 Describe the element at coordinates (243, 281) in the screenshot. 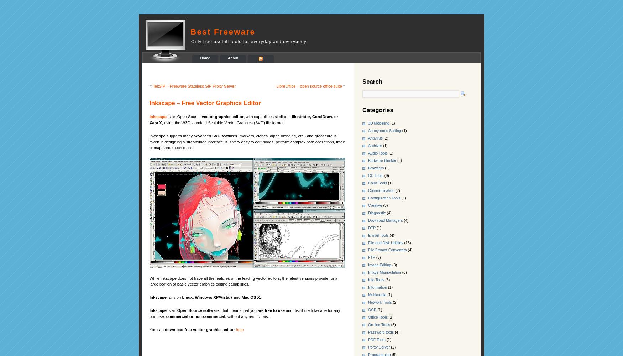

I see `'While Inkscape does not have all the features of the leading vector editors, the latest versions provide for a large portion of basic vector graphics editing capabilities.'` at that location.